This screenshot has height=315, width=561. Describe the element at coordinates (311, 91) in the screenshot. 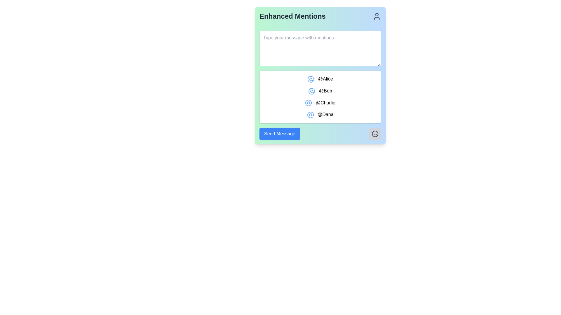

I see `the blue circular '@' icon associated with the text '@Bob', which is positioned to the left of the clickable text` at that location.